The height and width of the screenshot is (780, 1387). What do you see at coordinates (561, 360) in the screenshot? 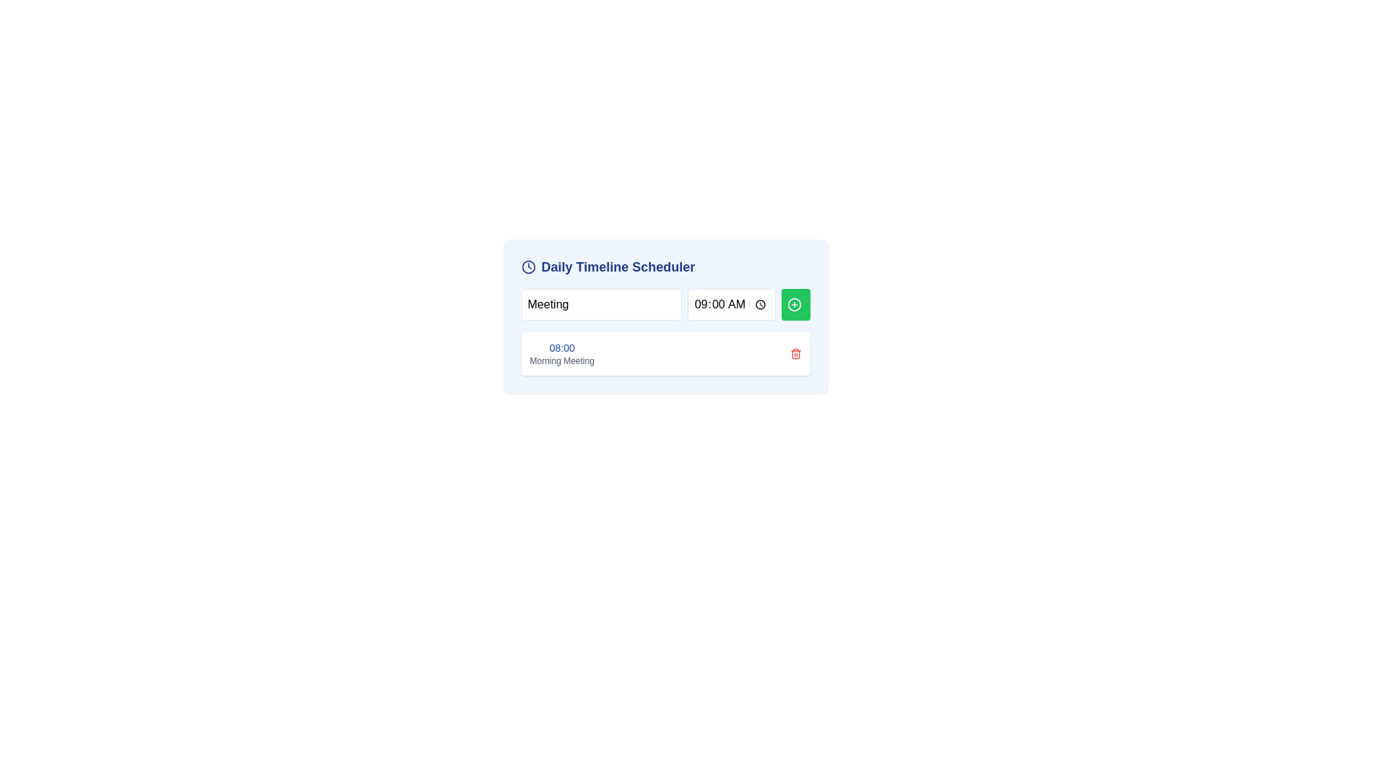
I see `the text label displaying 'Morning Meeting', which is styled in small gray font and positioned below the blue time label '08:00' within the timeline entry block` at bounding box center [561, 360].